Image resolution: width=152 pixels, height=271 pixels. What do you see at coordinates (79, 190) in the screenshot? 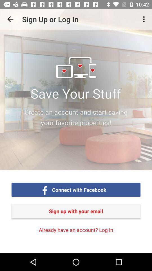
I see `the connect with facebook` at bounding box center [79, 190].